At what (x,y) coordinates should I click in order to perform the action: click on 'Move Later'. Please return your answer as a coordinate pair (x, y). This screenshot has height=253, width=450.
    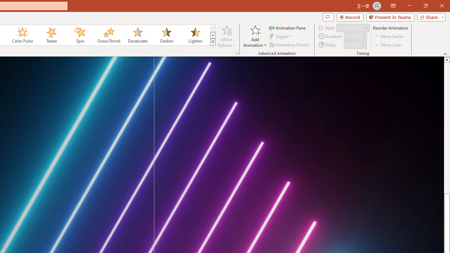
    Looking at the image, I should click on (388, 45).